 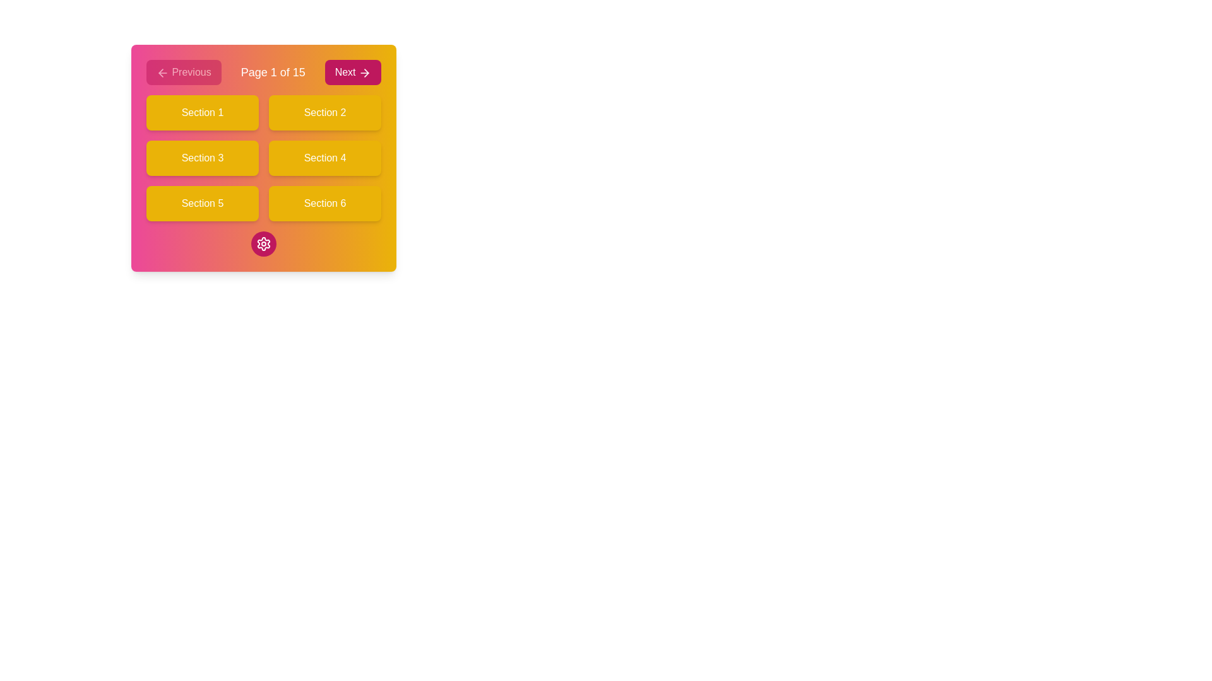 What do you see at coordinates (324, 203) in the screenshot?
I see `the interactive button labeled 'Section 6' located in the bottom-right quadrant of the grid` at bounding box center [324, 203].